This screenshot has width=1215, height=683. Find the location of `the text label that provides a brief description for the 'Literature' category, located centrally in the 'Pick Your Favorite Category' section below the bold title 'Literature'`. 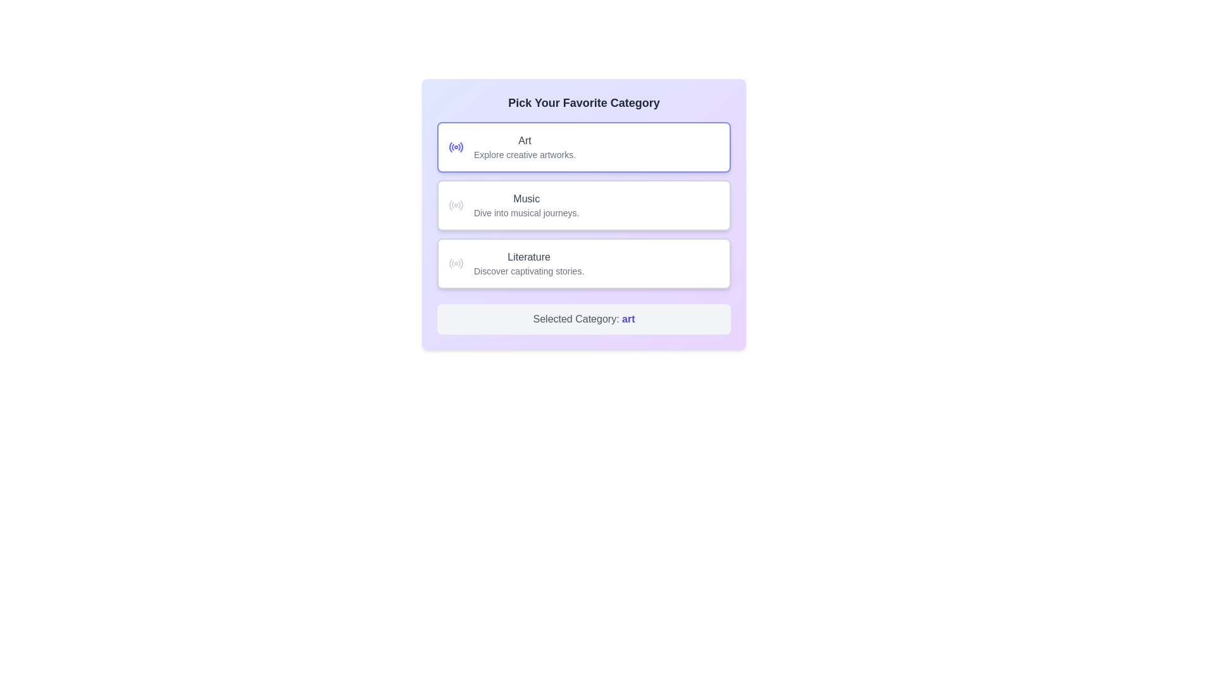

the text label that provides a brief description for the 'Literature' category, located centrally in the 'Pick Your Favorite Category' section below the bold title 'Literature' is located at coordinates (529, 270).